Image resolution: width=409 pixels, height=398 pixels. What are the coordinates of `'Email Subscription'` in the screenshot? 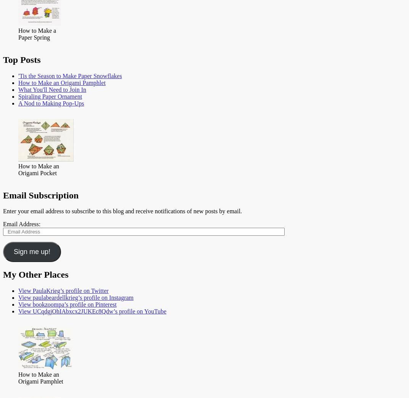 It's located at (40, 195).